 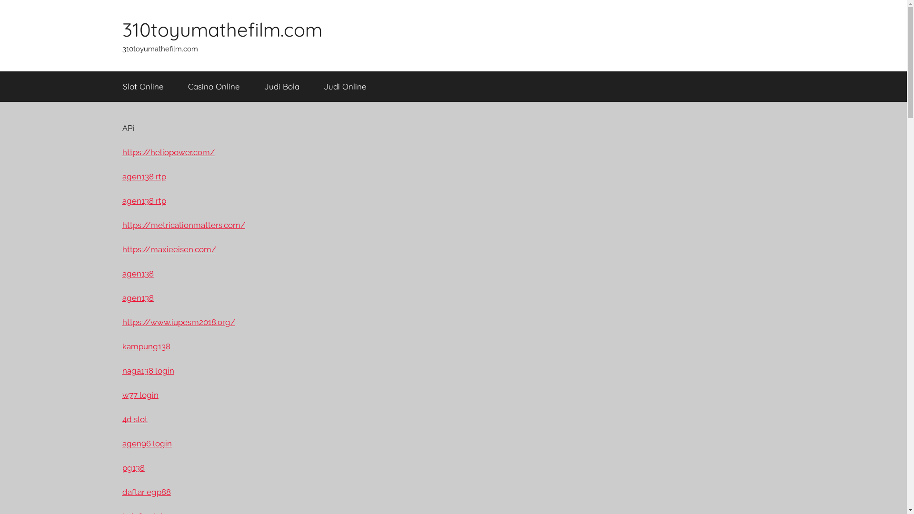 I want to click on 'https://www.iupesm2018.org/', so click(x=178, y=322).